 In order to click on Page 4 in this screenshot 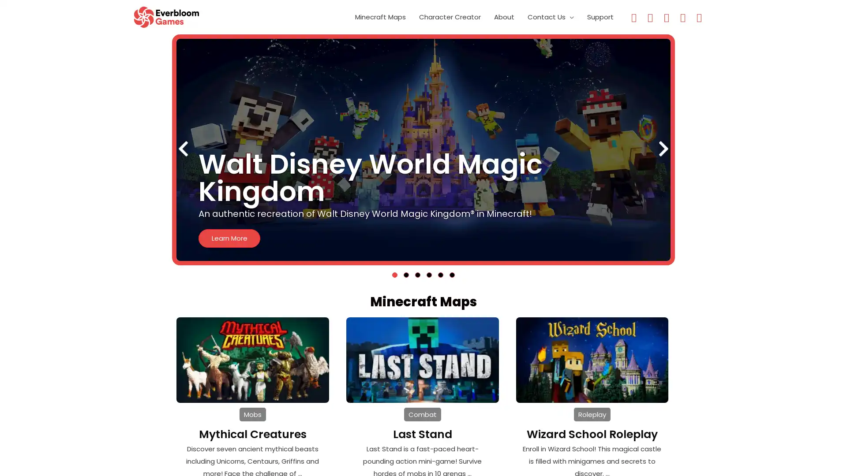, I will do `click(429, 274)`.